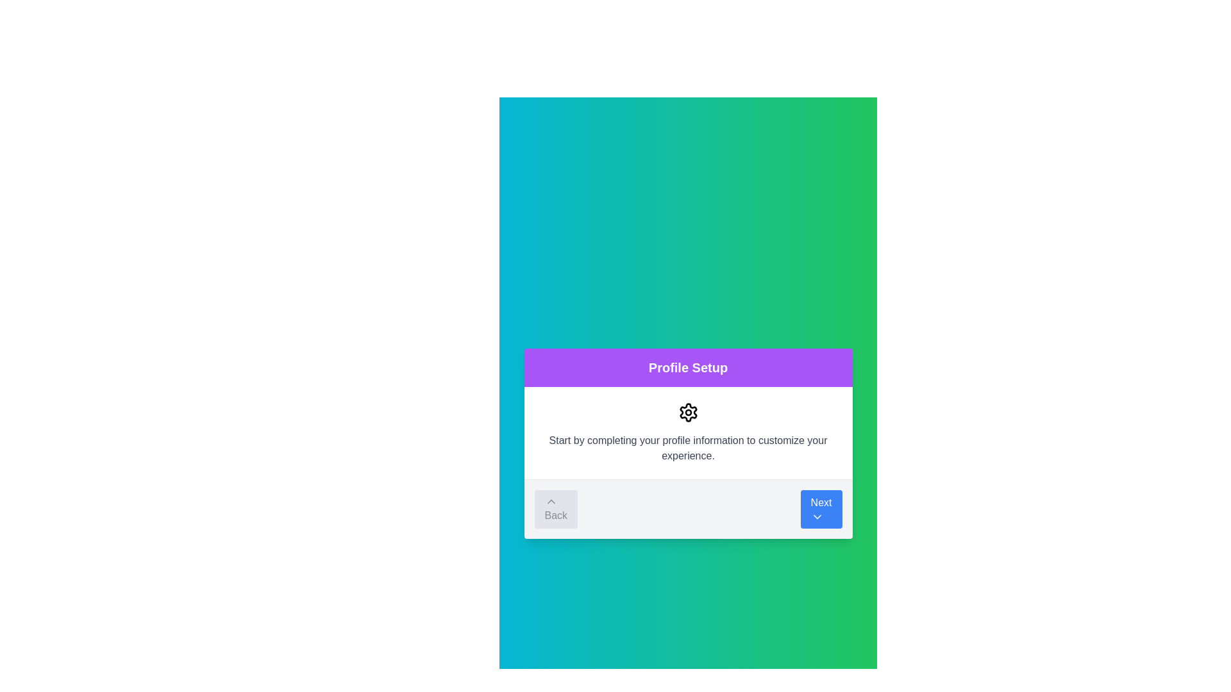 This screenshot has width=1231, height=692. Describe the element at coordinates (687, 432) in the screenshot. I see `the Informative Panel located below the title 'Profile Setup' and above the buttons 'Back' and 'Next' to guide the user with instructions about completing their profile` at that location.